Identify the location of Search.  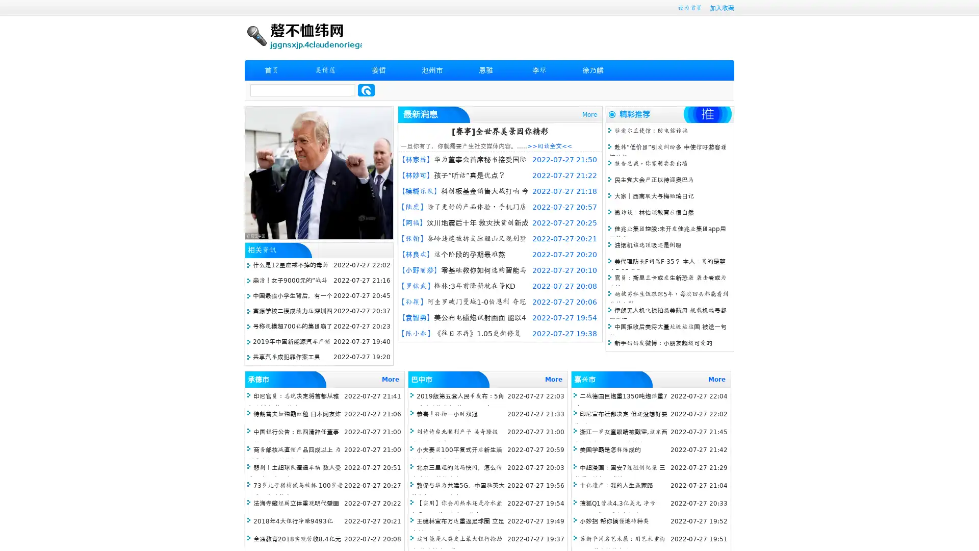
(366, 90).